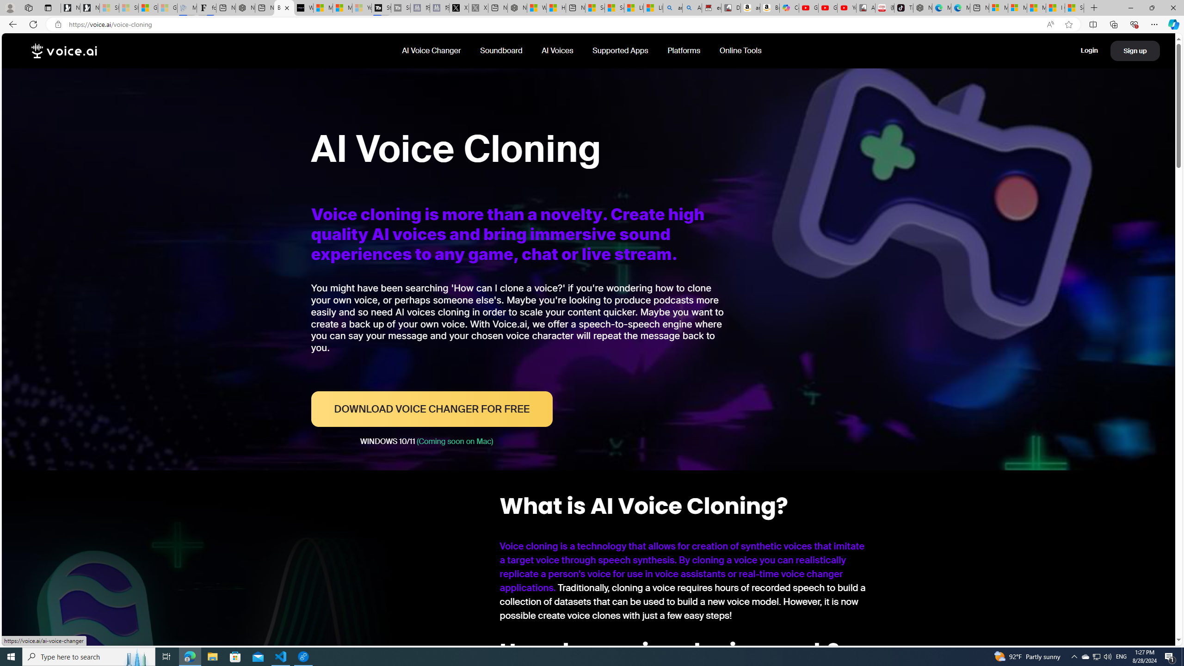  What do you see at coordinates (64, 51) in the screenshot?
I see `'voice.ai'` at bounding box center [64, 51].